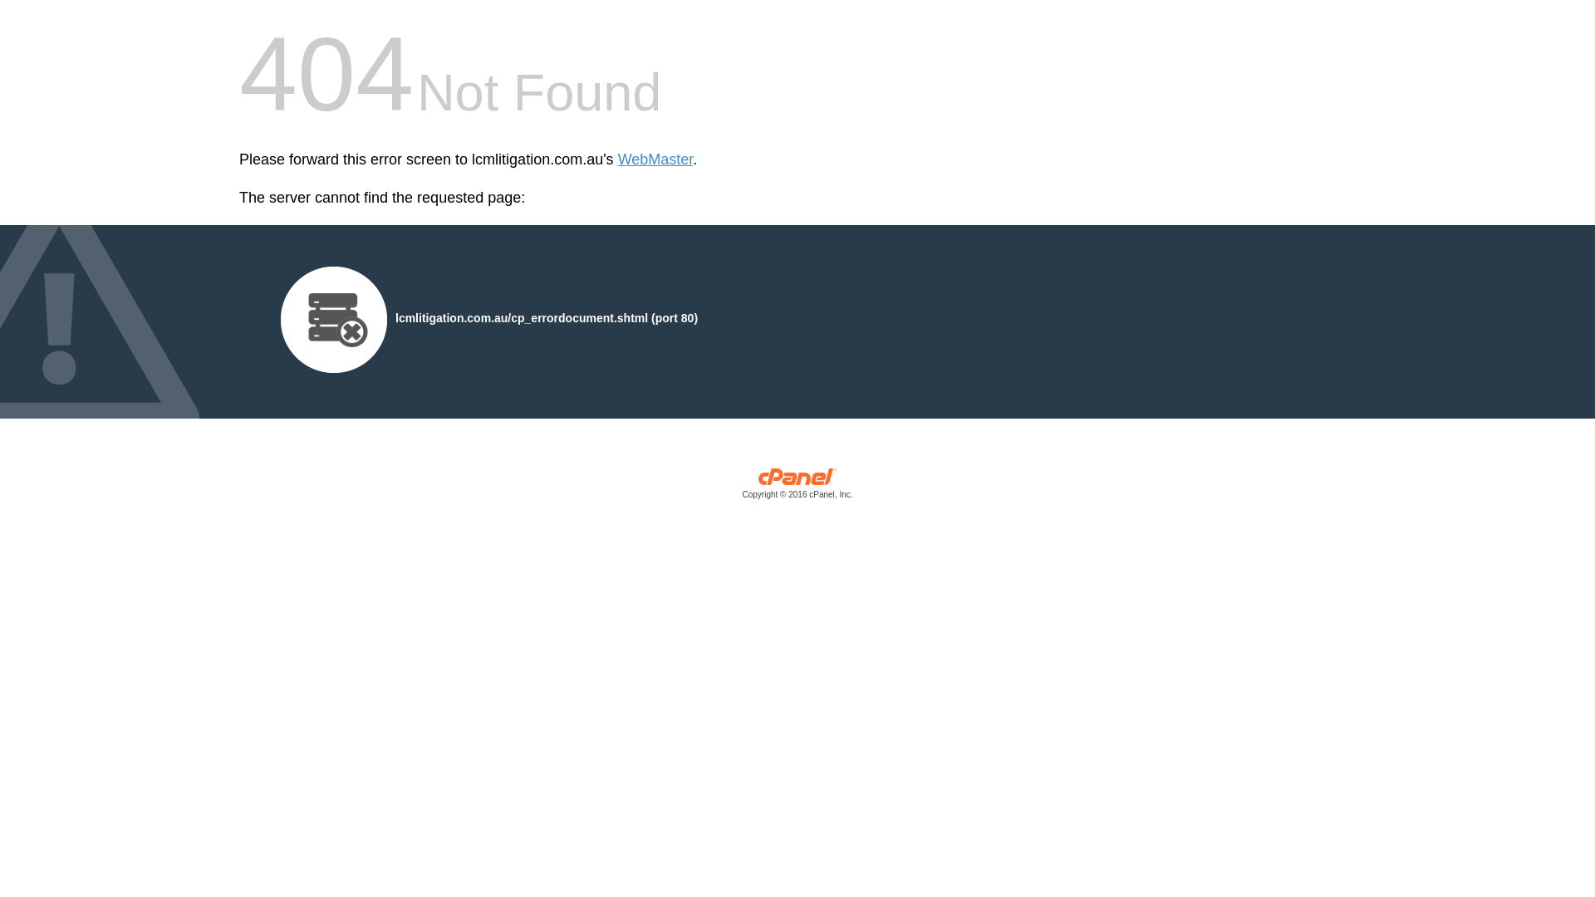 This screenshot has width=1595, height=897. What do you see at coordinates (617, 159) in the screenshot?
I see `'WebMaster'` at bounding box center [617, 159].